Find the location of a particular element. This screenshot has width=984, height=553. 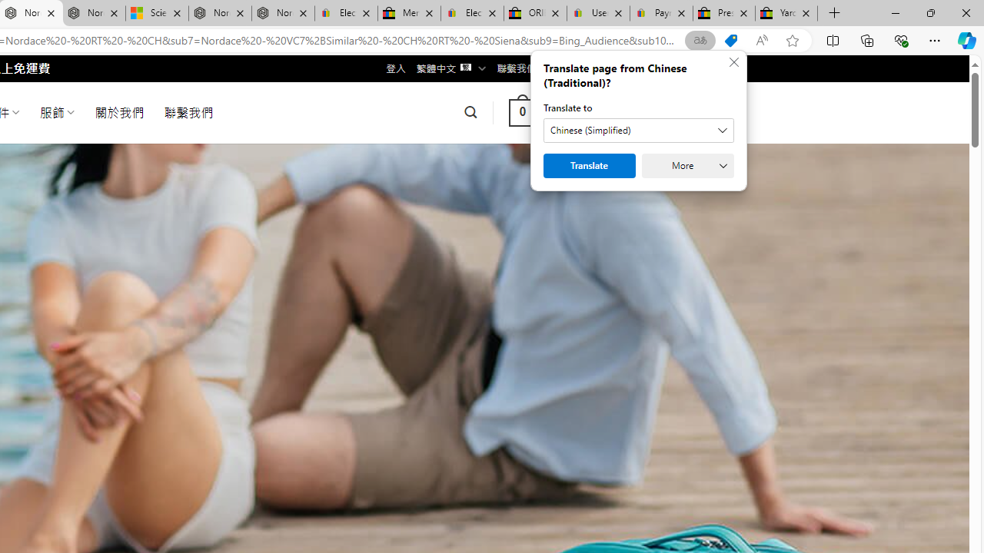

'Nordace - Summer Adventures 2024' is located at coordinates (219, 13).